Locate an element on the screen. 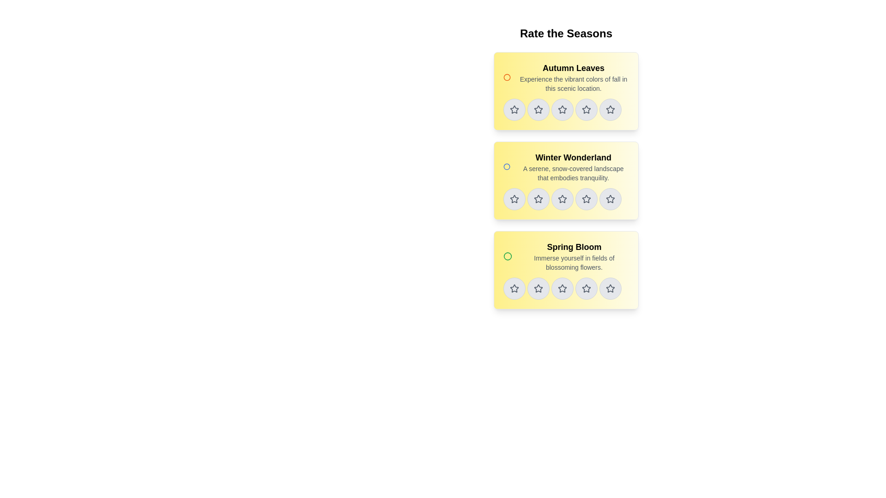  the Label/Text Header that serves as the title for the 'Winter Wonderland' card, which is the second card in a vertical stack of three is located at coordinates (573, 157).